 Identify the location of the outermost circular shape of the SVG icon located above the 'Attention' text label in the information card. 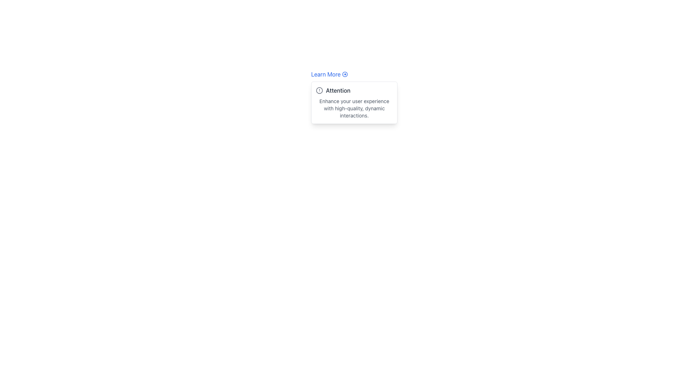
(319, 90).